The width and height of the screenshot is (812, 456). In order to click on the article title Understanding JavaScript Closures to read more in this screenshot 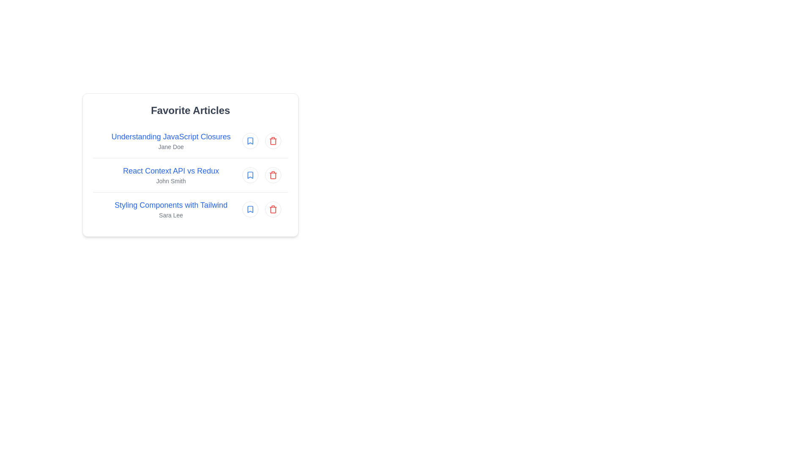, I will do `click(170, 136)`.